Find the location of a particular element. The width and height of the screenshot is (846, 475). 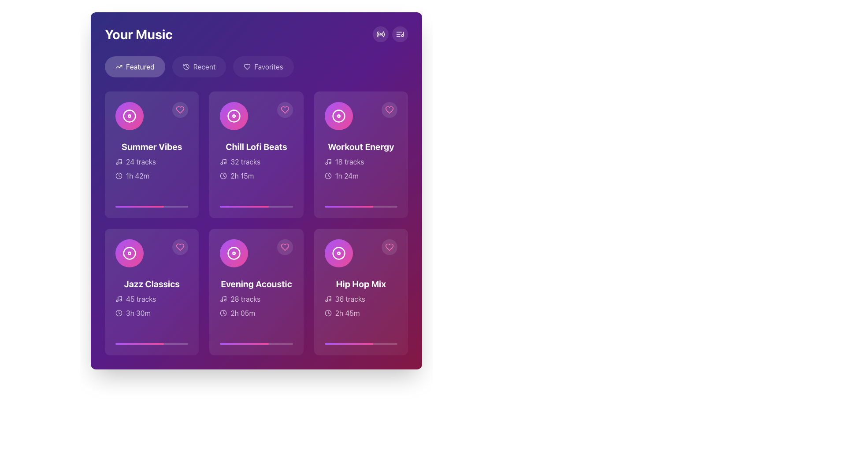

the text label displaying 'Evening Acoustic' in bold, white font, located in the second row of items in a grid layout, part of the third card below the header 'Your Music' is located at coordinates (256, 284).